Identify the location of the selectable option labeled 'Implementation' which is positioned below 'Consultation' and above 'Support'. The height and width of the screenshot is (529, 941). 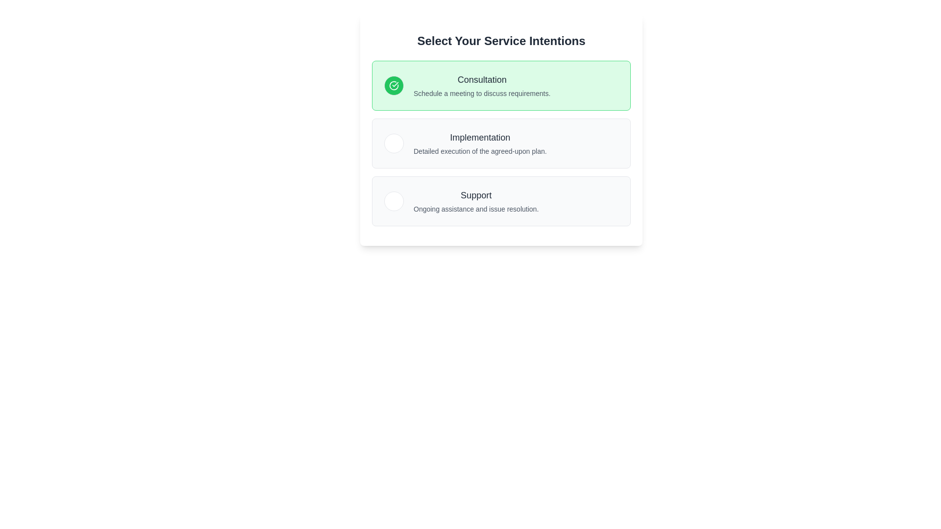
(501, 144).